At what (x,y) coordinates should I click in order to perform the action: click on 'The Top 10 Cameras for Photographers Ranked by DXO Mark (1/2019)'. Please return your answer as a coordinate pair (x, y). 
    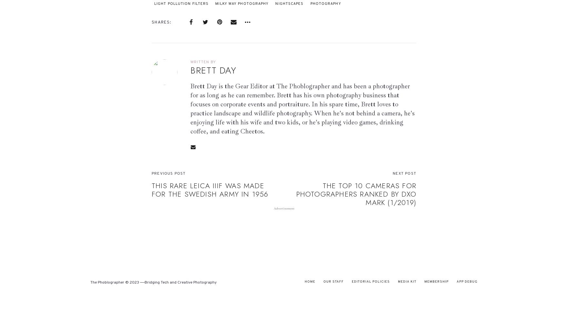
    Looking at the image, I should click on (356, 194).